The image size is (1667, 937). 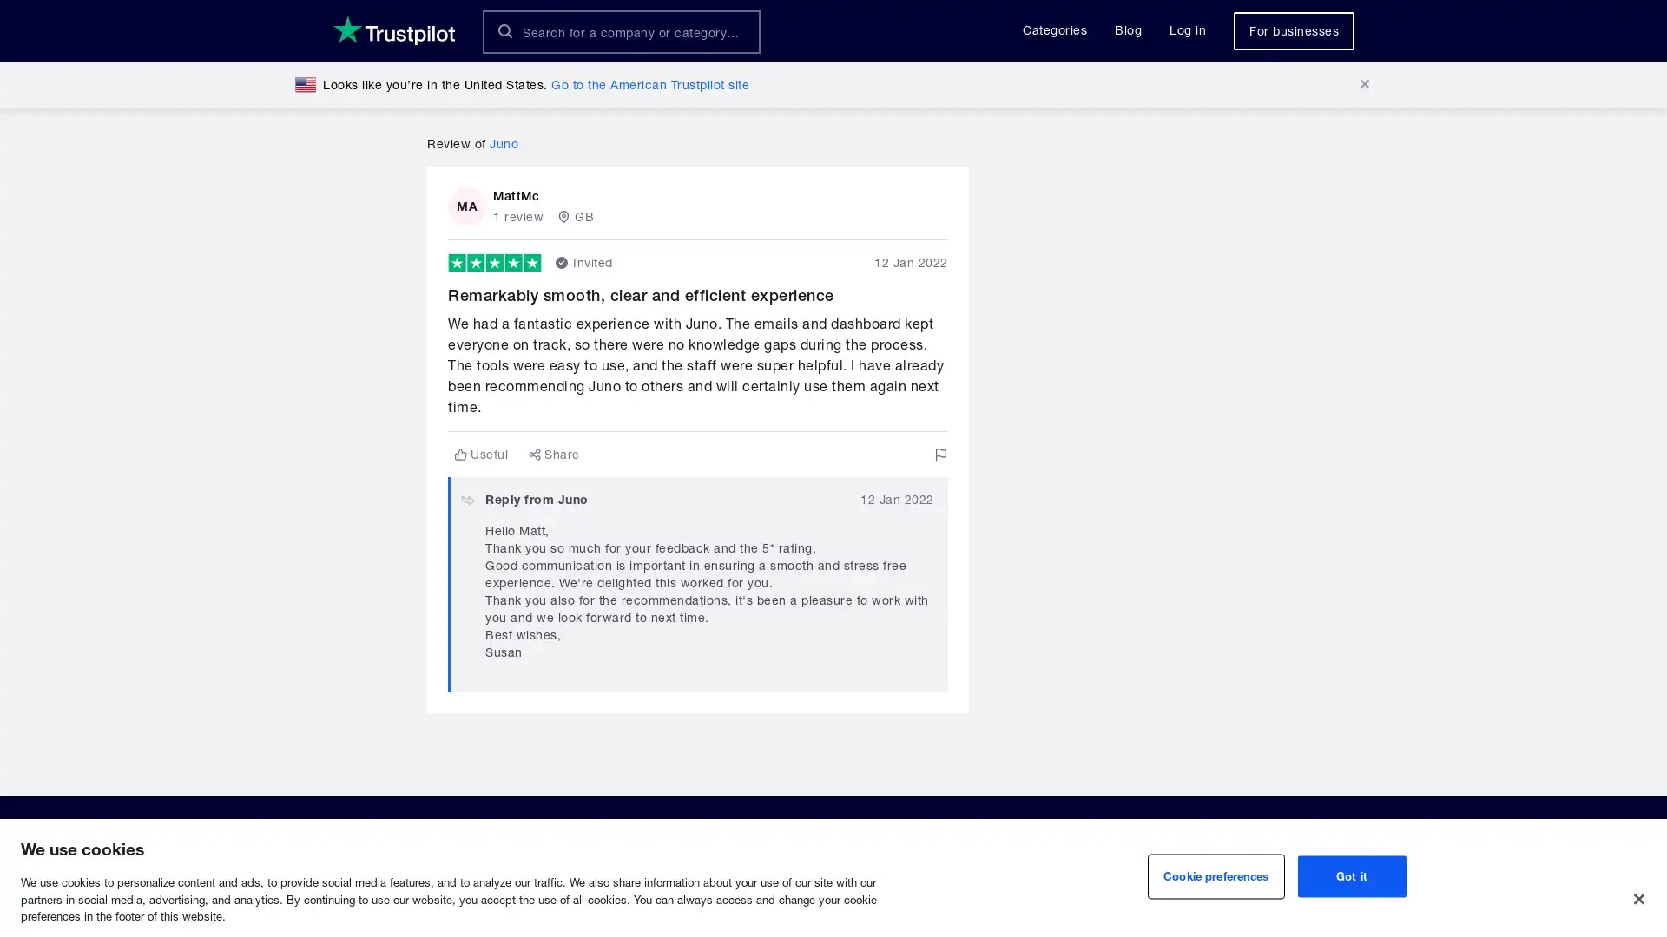 What do you see at coordinates (1637, 898) in the screenshot?
I see `Close` at bounding box center [1637, 898].